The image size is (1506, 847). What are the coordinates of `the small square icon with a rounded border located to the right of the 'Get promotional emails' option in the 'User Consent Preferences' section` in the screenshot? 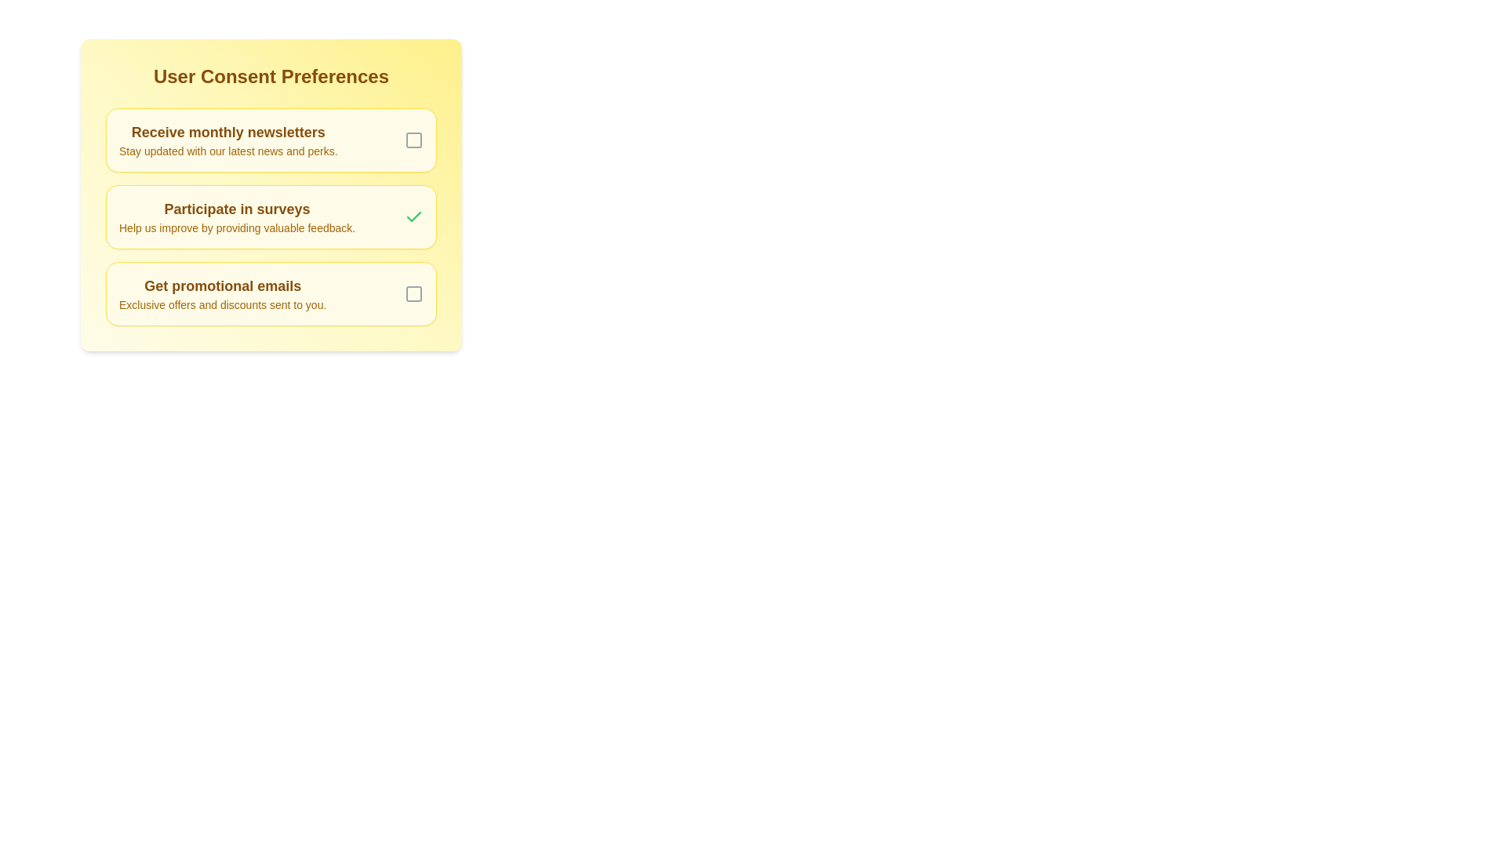 It's located at (414, 293).